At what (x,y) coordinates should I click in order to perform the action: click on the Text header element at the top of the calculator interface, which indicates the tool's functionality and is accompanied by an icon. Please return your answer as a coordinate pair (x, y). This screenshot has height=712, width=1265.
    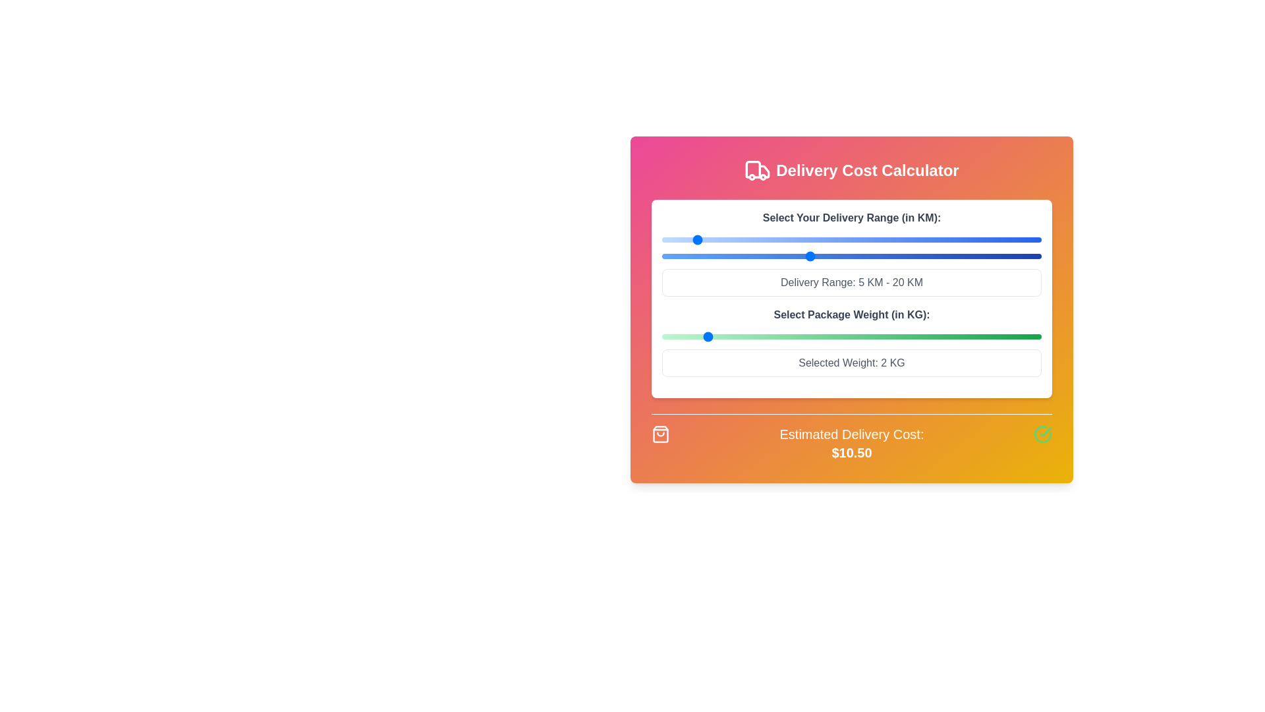
    Looking at the image, I should click on (851, 169).